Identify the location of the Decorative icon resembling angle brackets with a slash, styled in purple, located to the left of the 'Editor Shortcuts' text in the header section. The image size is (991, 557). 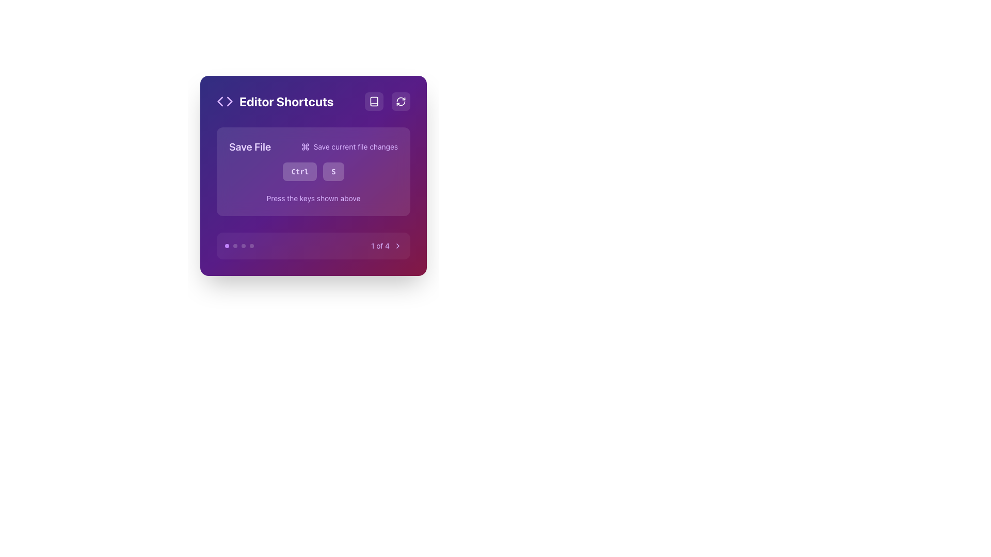
(225, 101).